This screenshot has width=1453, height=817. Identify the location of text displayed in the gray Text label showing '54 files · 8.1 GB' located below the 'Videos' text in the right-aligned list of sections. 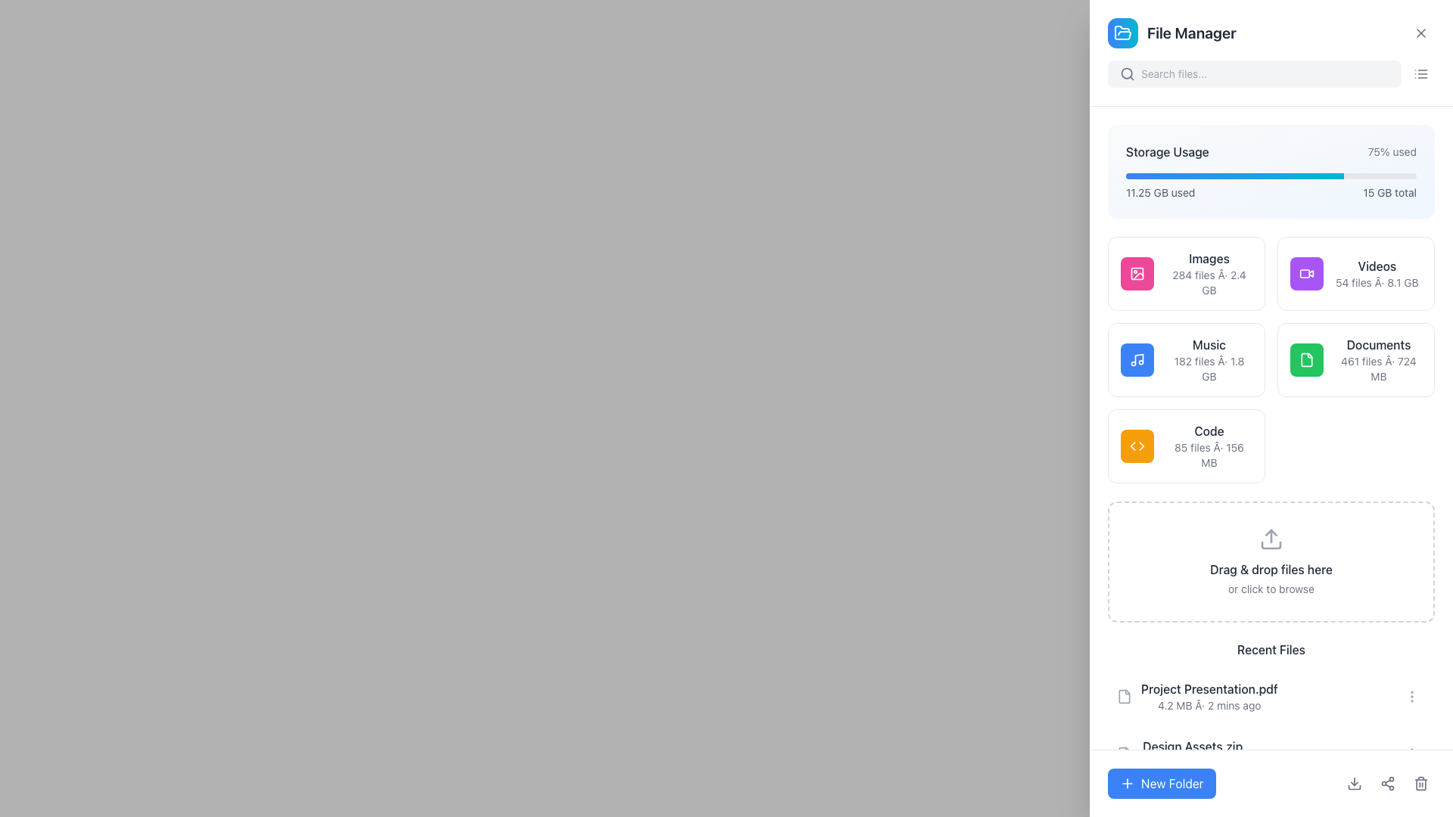
(1377, 283).